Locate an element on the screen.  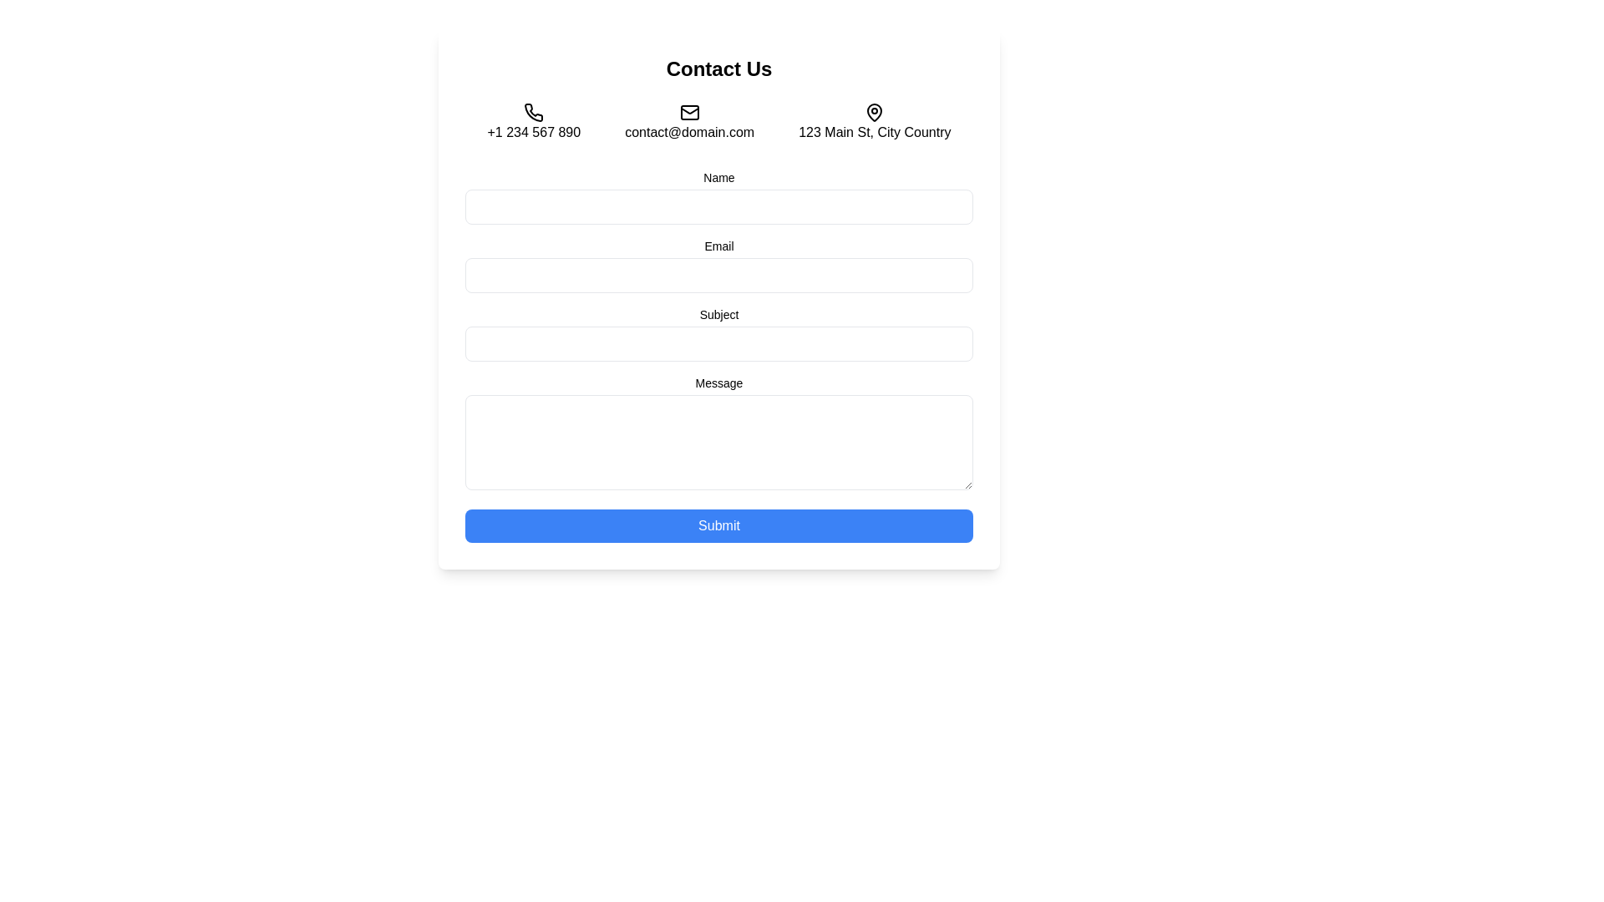
the Email input field labeled 'Email', which is the second input field in the form layout, positioned near the center of the layout is located at coordinates (718, 264).